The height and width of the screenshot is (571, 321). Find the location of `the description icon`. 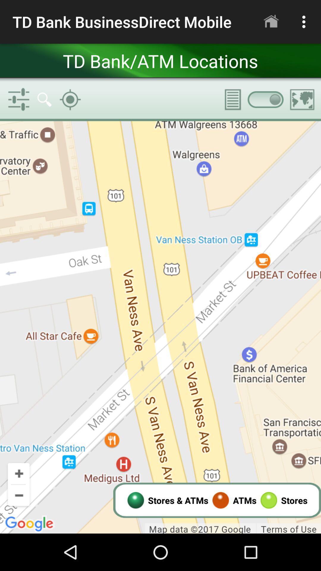

the description icon is located at coordinates (229, 99).